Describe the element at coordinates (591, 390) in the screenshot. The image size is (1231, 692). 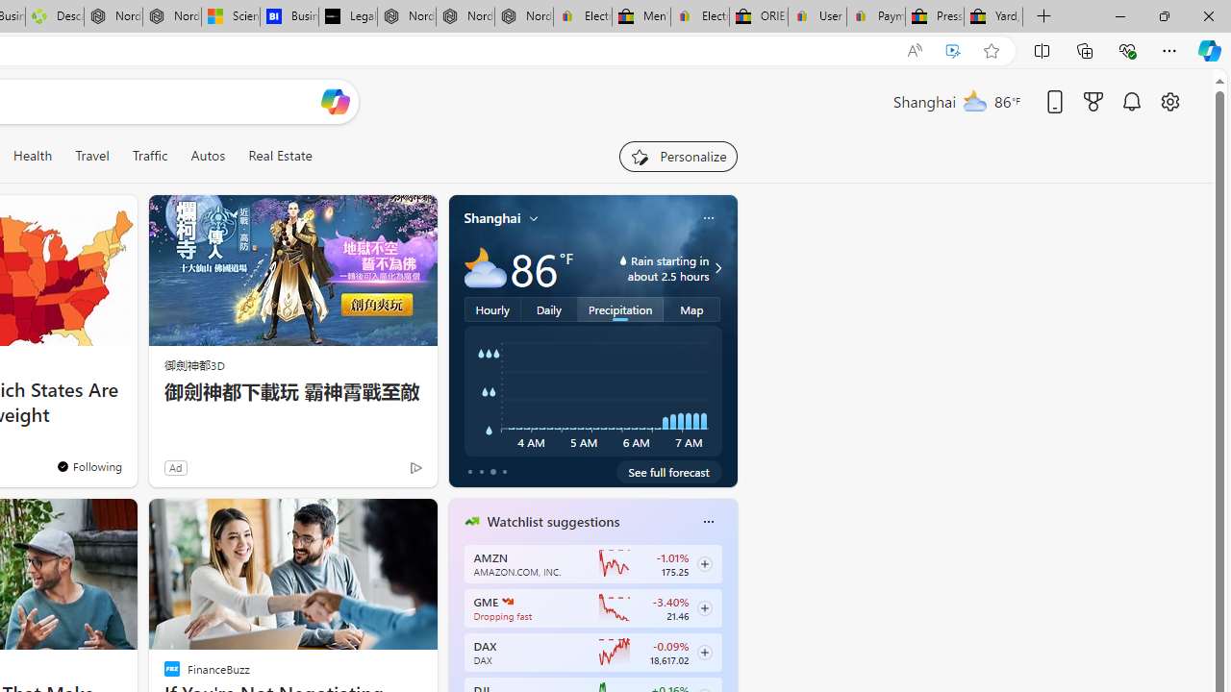
I see `'4 AM 5 AM 6 AM 7 AM'` at that location.